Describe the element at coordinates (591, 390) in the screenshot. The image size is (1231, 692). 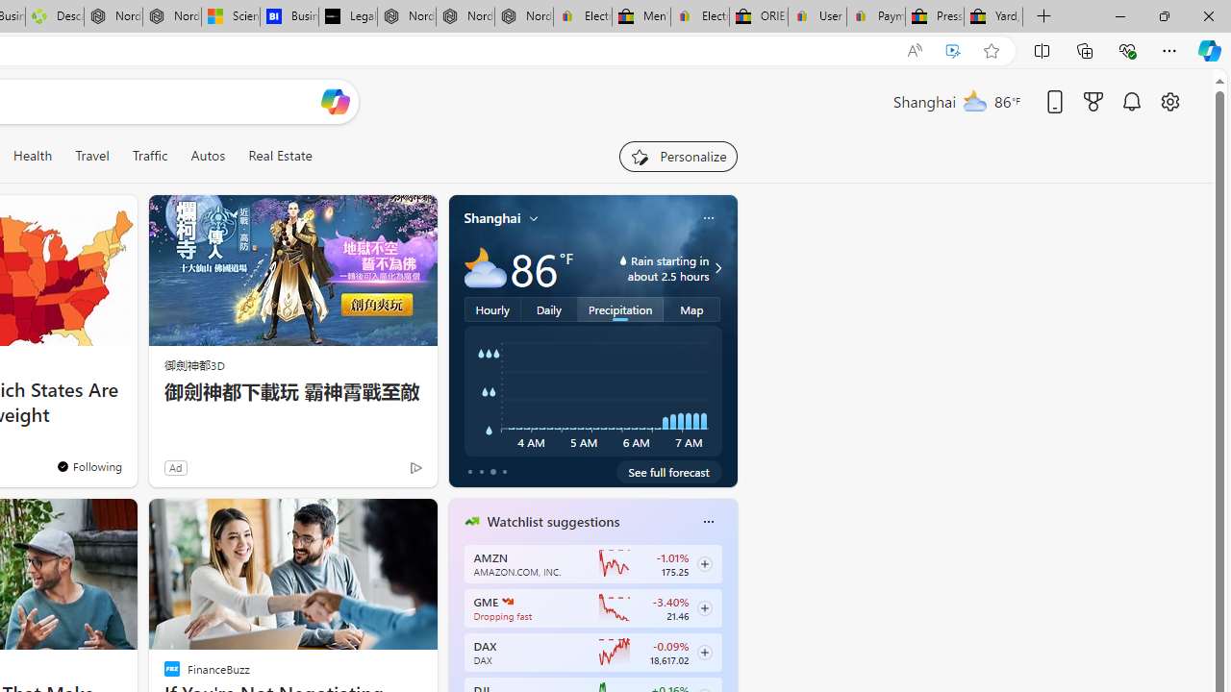
I see `'4 AM 5 AM 6 AM 7 AM'` at that location.